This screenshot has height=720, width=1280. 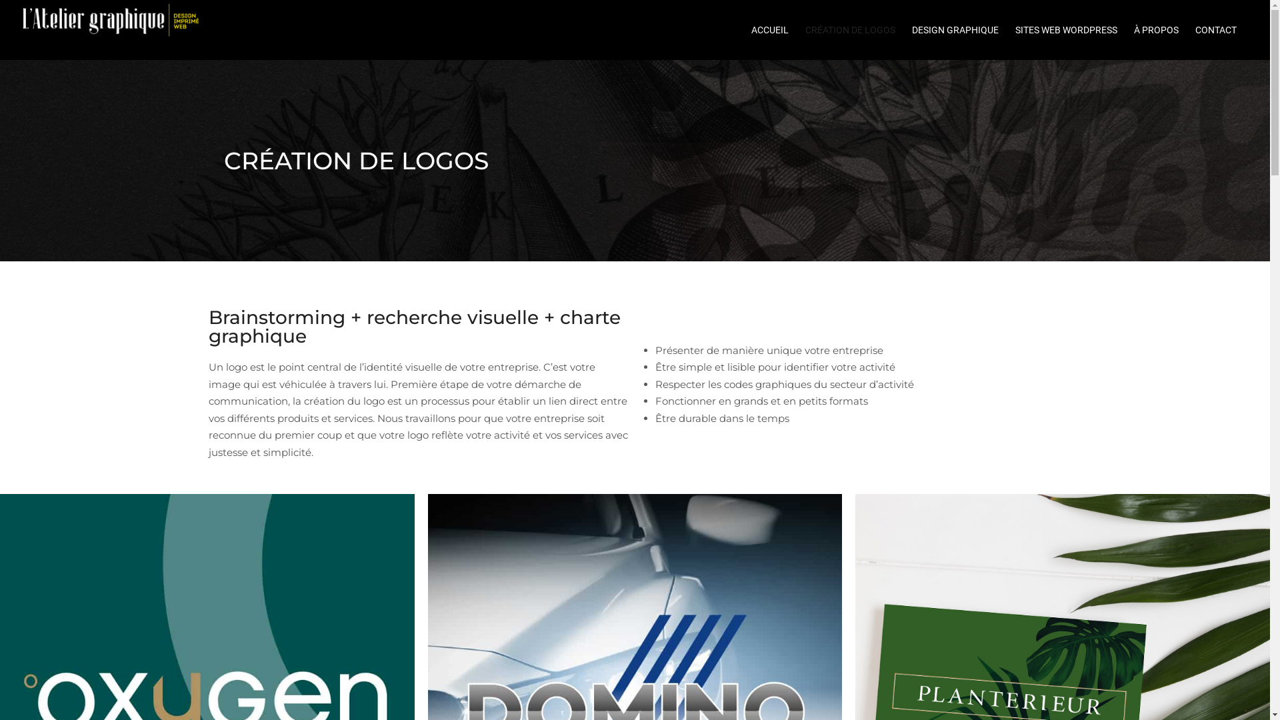 I want to click on 'DESIGN GRAPHIQUE', so click(x=962, y=30).